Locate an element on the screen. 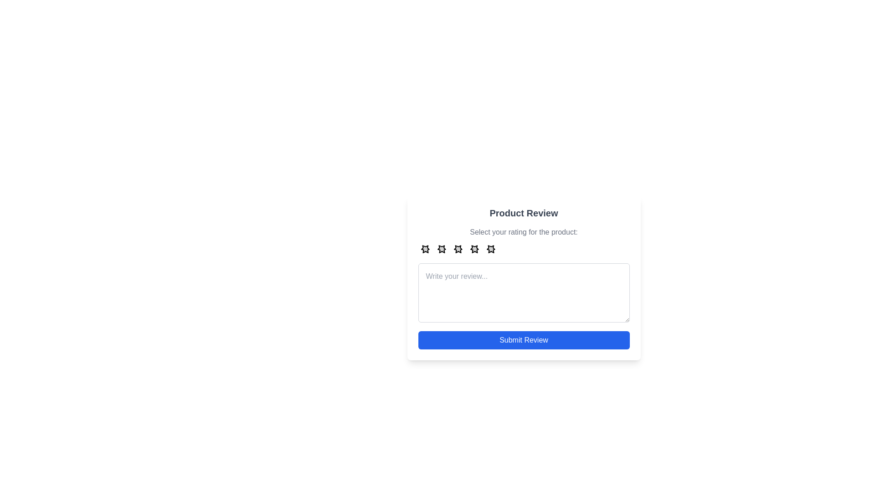  the star corresponding to the rating 5 to select it is located at coordinates (490, 249).